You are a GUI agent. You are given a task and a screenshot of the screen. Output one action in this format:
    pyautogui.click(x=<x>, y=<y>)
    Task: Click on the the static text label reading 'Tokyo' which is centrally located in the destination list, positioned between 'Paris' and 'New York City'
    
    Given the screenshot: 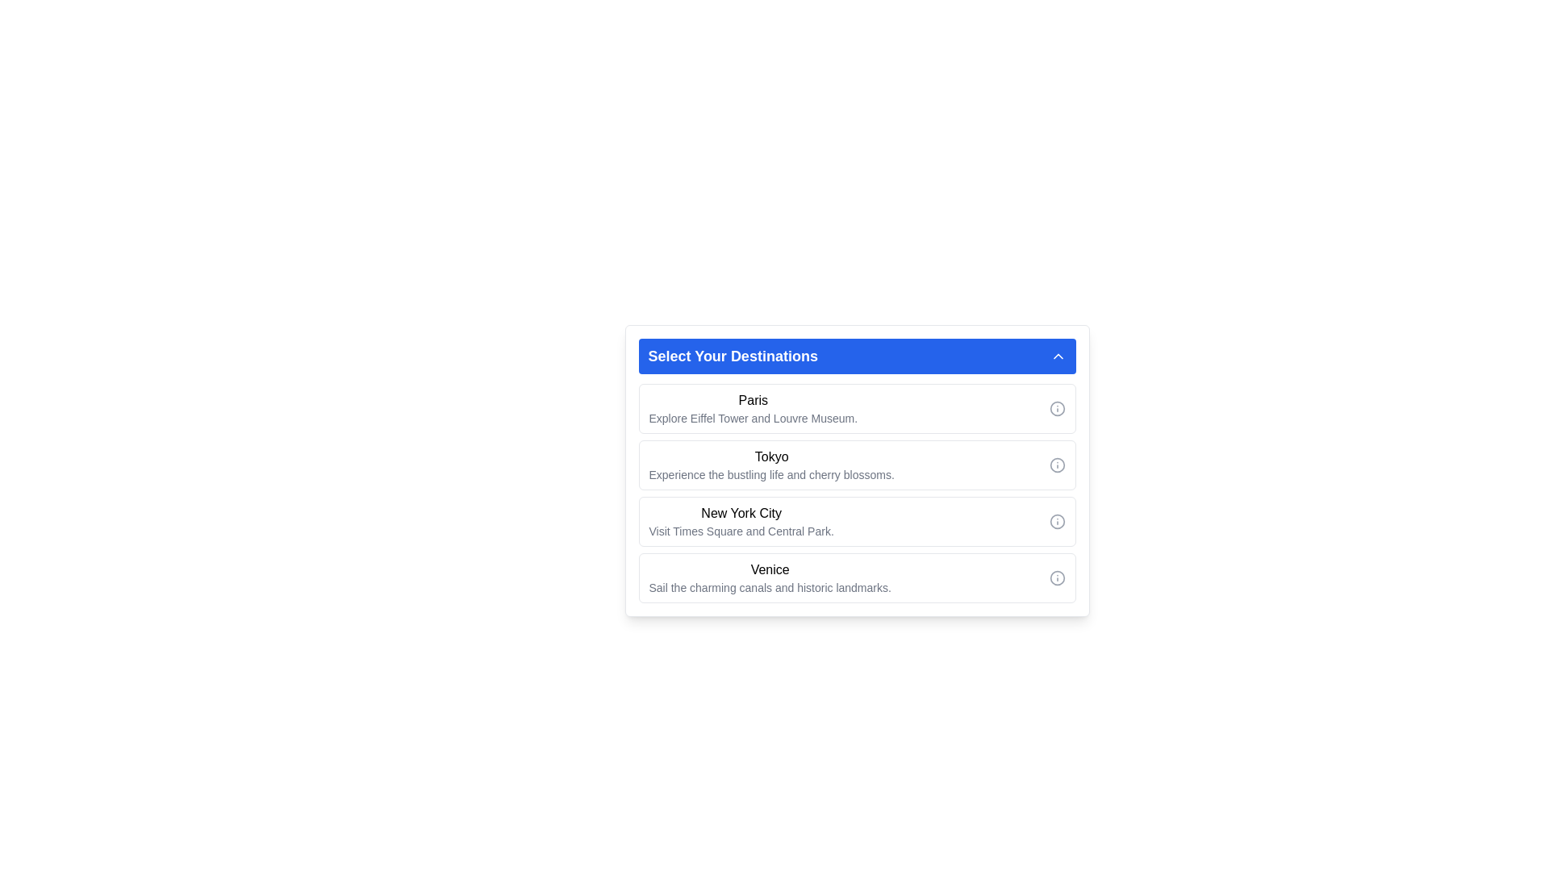 What is the action you would take?
    pyautogui.click(x=770, y=457)
    